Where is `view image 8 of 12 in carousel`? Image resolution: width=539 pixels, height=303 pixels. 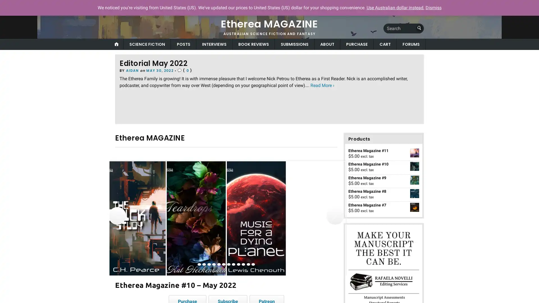
view image 8 of 12 in carousel is located at coordinates (233, 264).